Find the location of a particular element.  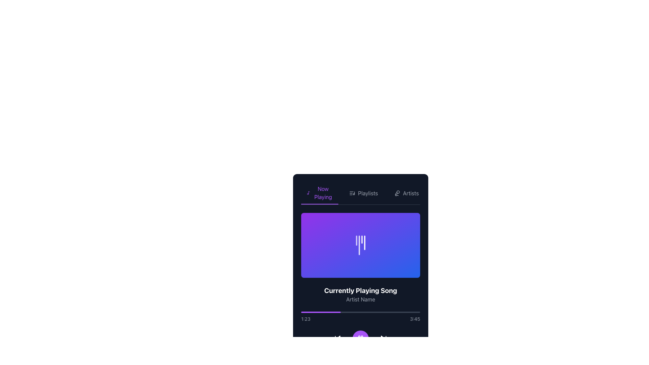

the third bar in a horizontal arrangement of four bars, which serves as a visual indicator for user feedback is located at coordinates (361, 239).